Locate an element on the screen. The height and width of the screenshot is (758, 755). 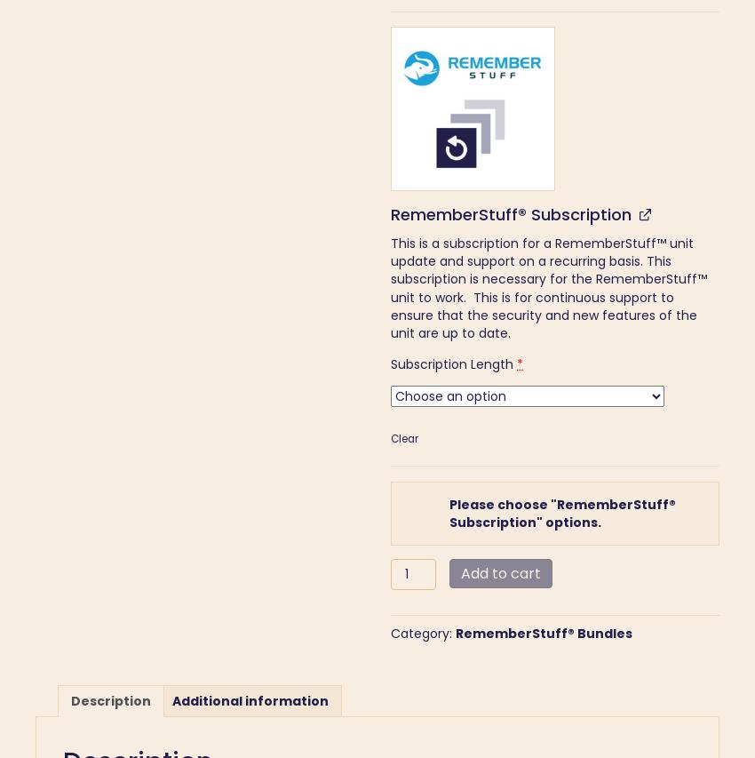
'Description' is located at coordinates (70, 700).